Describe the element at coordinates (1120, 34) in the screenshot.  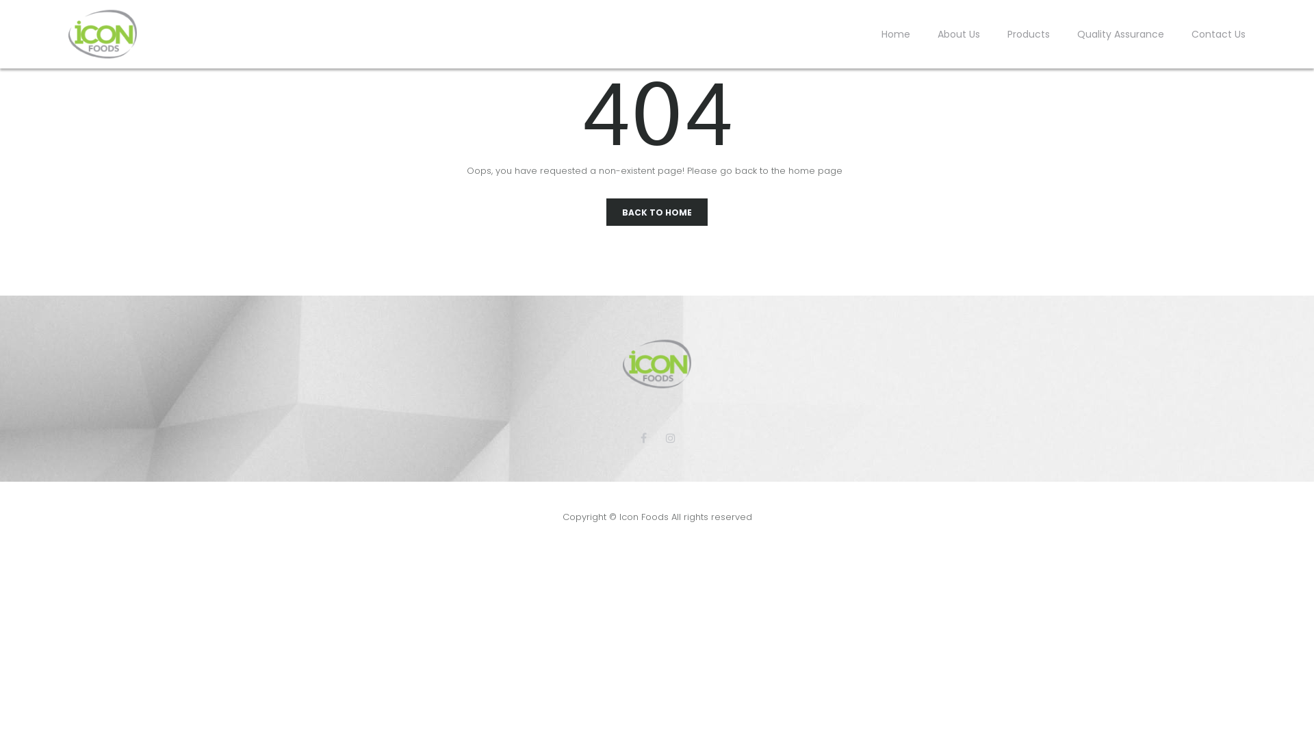
I see `'Quality Assurance'` at that location.